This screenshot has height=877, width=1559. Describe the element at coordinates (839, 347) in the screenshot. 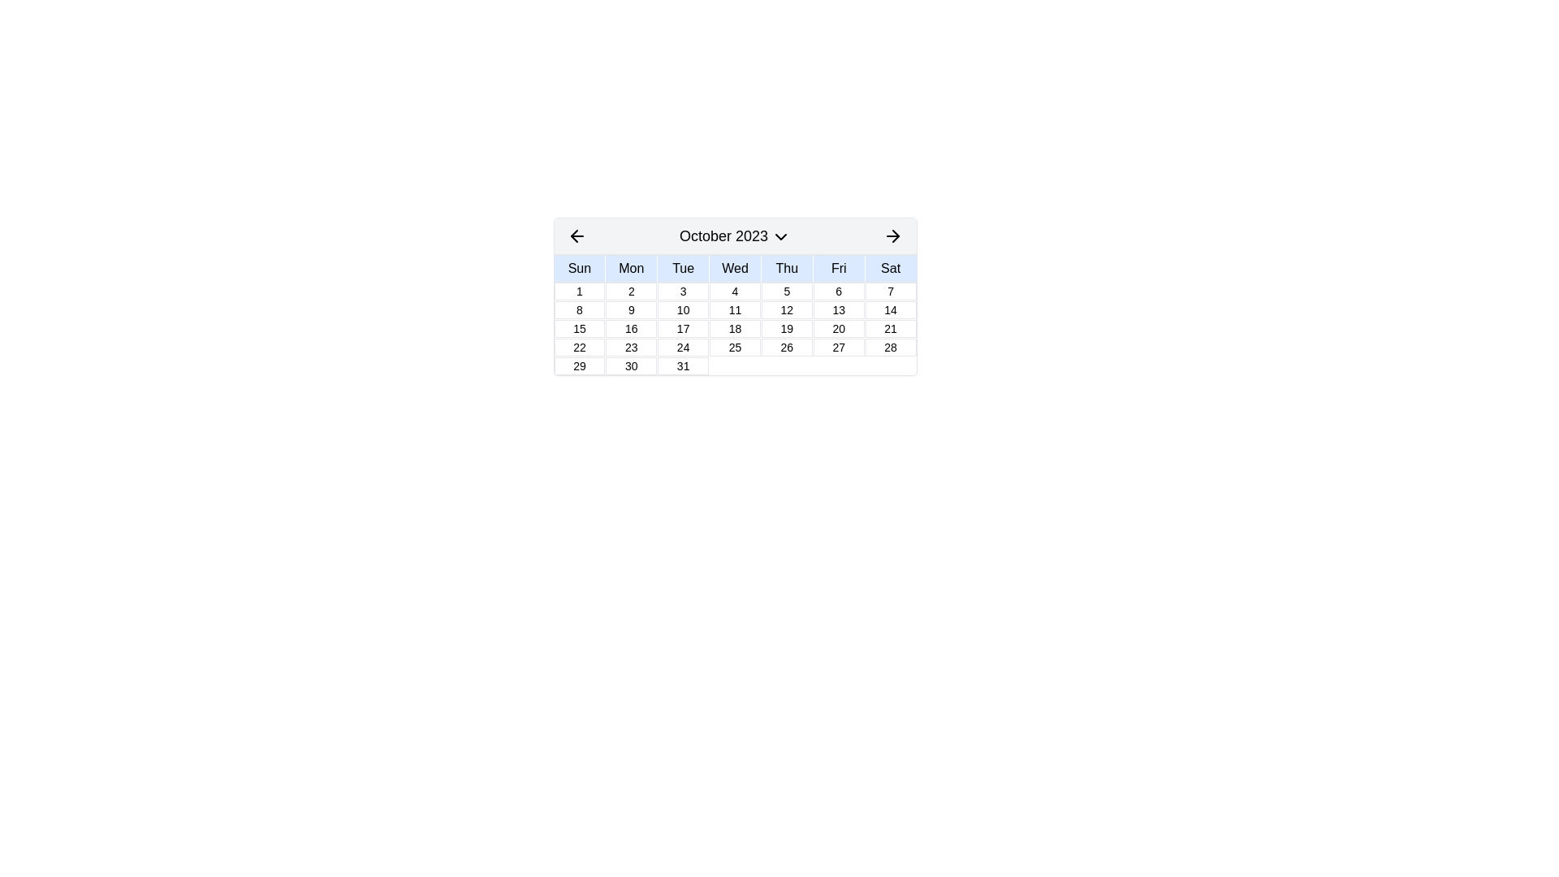

I see `the rectangular cell in the calendar grid that contains the text '27'` at that location.